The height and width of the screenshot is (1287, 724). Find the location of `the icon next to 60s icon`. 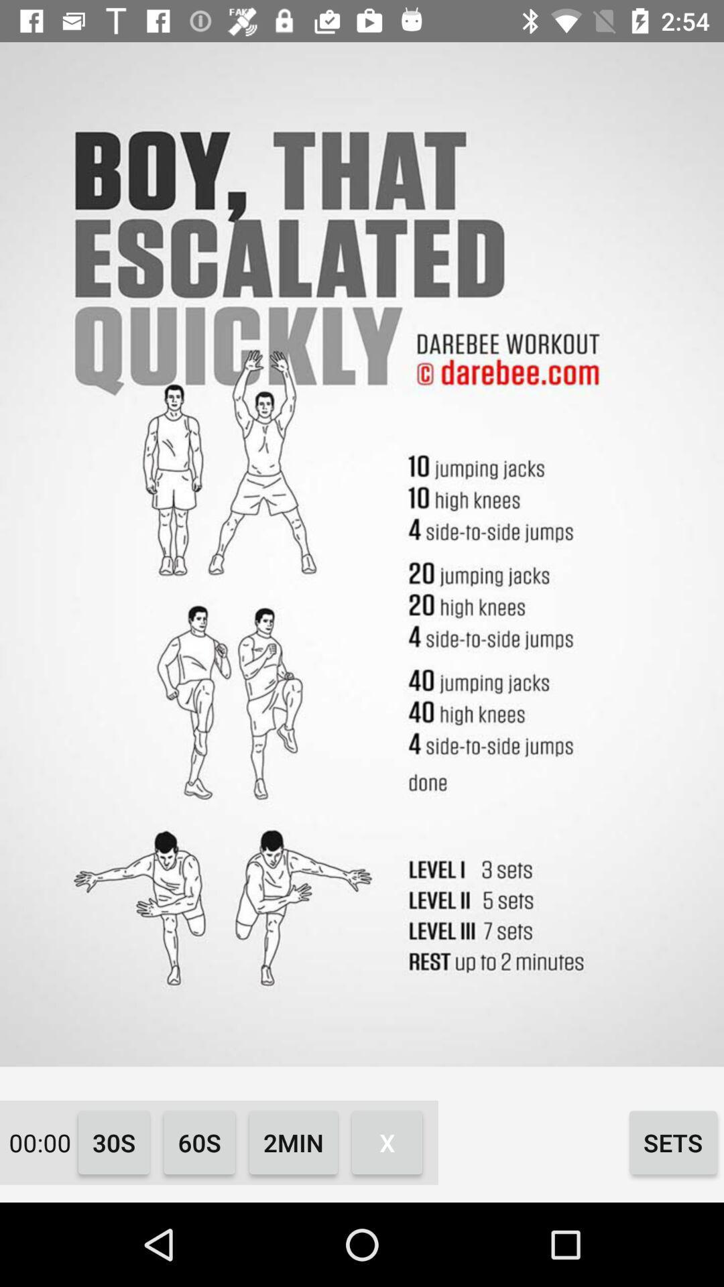

the icon next to 60s icon is located at coordinates (293, 1142).